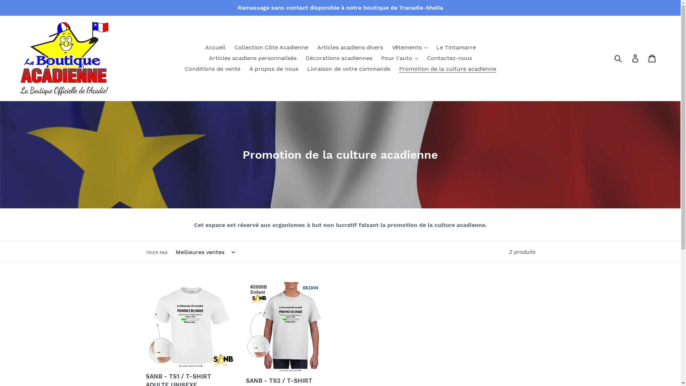 This screenshot has height=386, width=686. Describe the element at coordinates (652, 58) in the screenshot. I see `'Panier'` at that location.